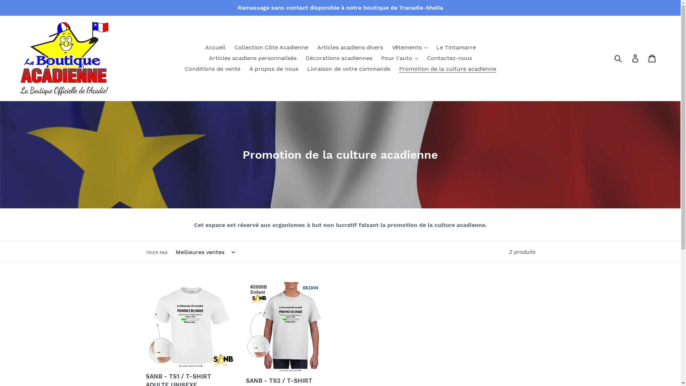 This screenshot has height=386, width=686. Describe the element at coordinates (652, 58) in the screenshot. I see `'Panier'` at that location.